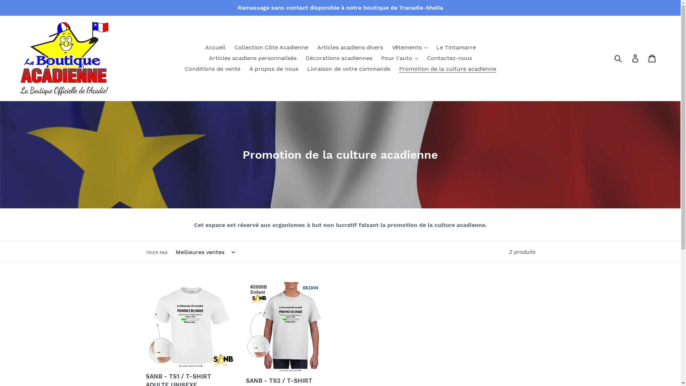 This screenshot has height=386, width=686. Describe the element at coordinates (652, 58) in the screenshot. I see `'Panier'` at that location.